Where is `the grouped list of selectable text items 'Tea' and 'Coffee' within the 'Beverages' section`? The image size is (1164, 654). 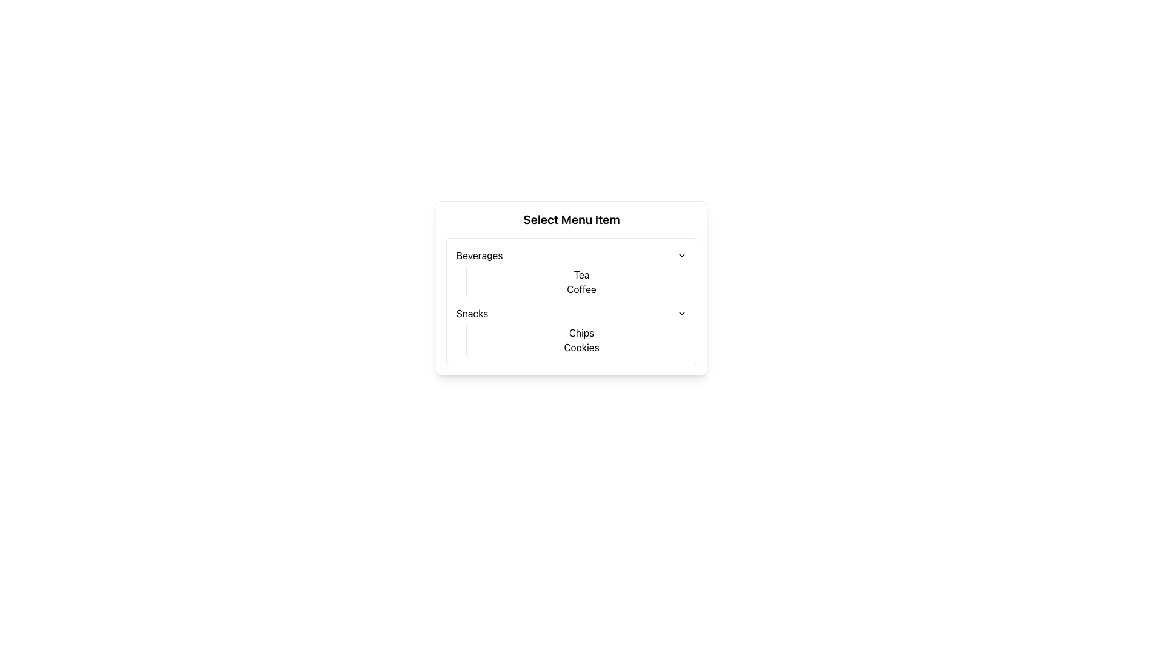 the grouped list of selectable text items 'Tea' and 'Coffee' within the 'Beverages' section is located at coordinates (575, 282).